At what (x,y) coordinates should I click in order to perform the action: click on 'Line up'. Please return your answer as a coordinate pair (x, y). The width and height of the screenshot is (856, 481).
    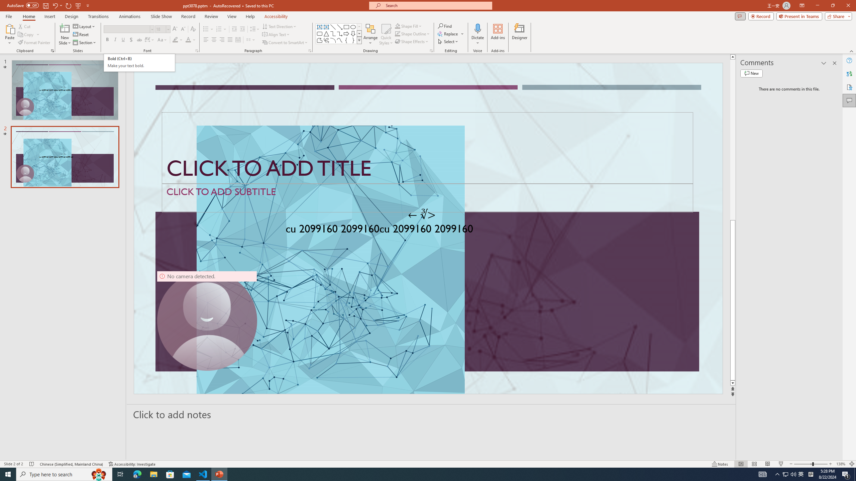
    Looking at the image, I should click on (732, 56).